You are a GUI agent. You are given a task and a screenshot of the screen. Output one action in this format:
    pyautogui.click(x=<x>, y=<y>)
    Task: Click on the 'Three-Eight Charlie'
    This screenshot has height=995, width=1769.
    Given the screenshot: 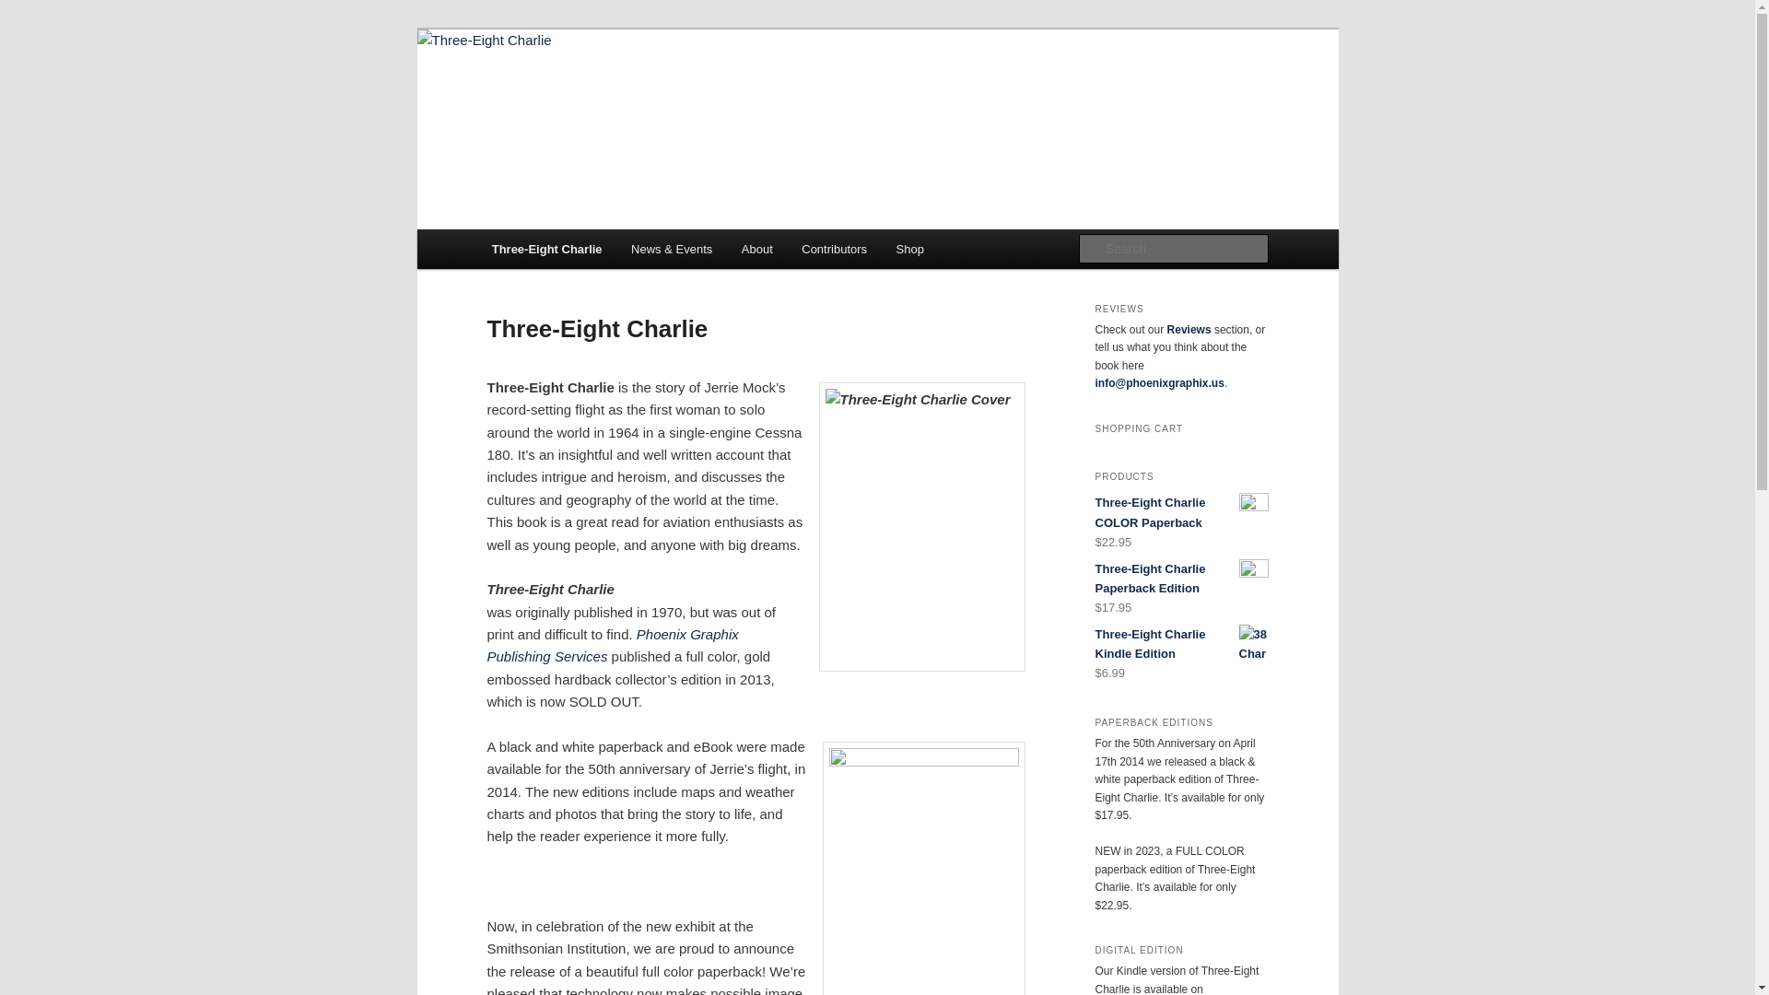 What is the action you would take?
    pyautogui.click(x=545, y=249)
    